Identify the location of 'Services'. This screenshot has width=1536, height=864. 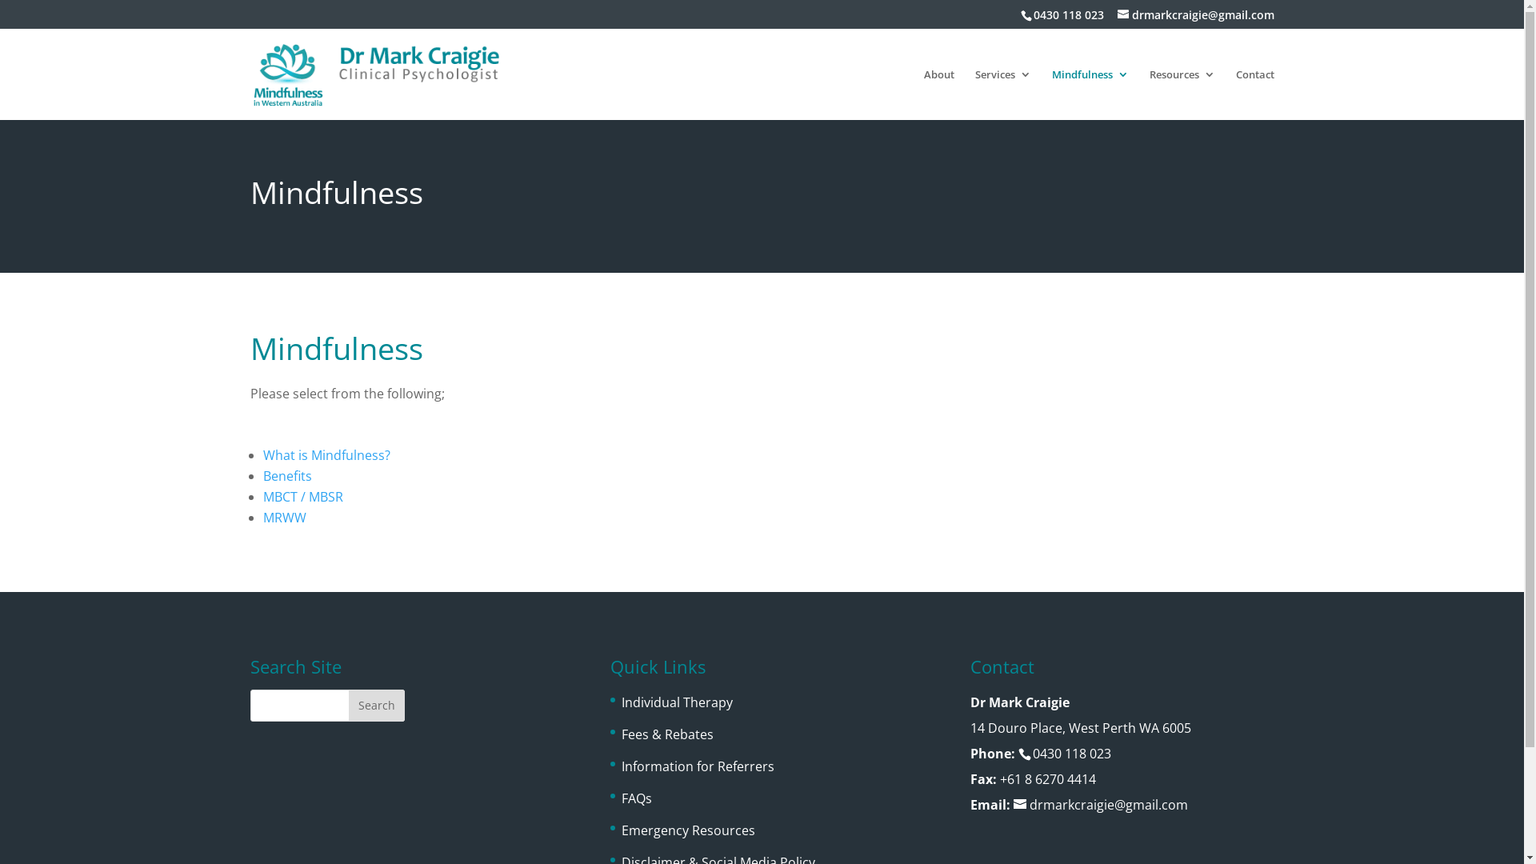
(1001, 94).